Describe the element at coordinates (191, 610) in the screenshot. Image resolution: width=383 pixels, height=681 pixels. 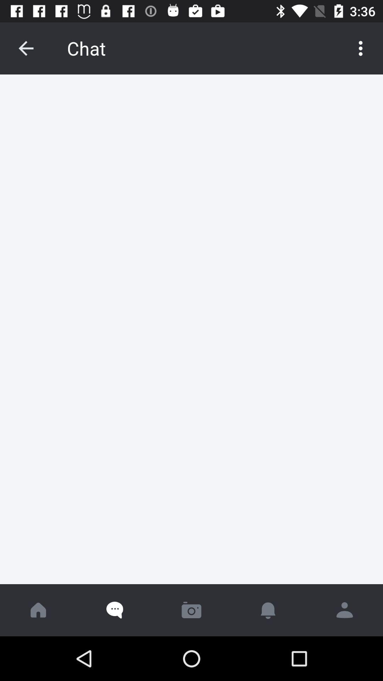
I see `camara` at that location.